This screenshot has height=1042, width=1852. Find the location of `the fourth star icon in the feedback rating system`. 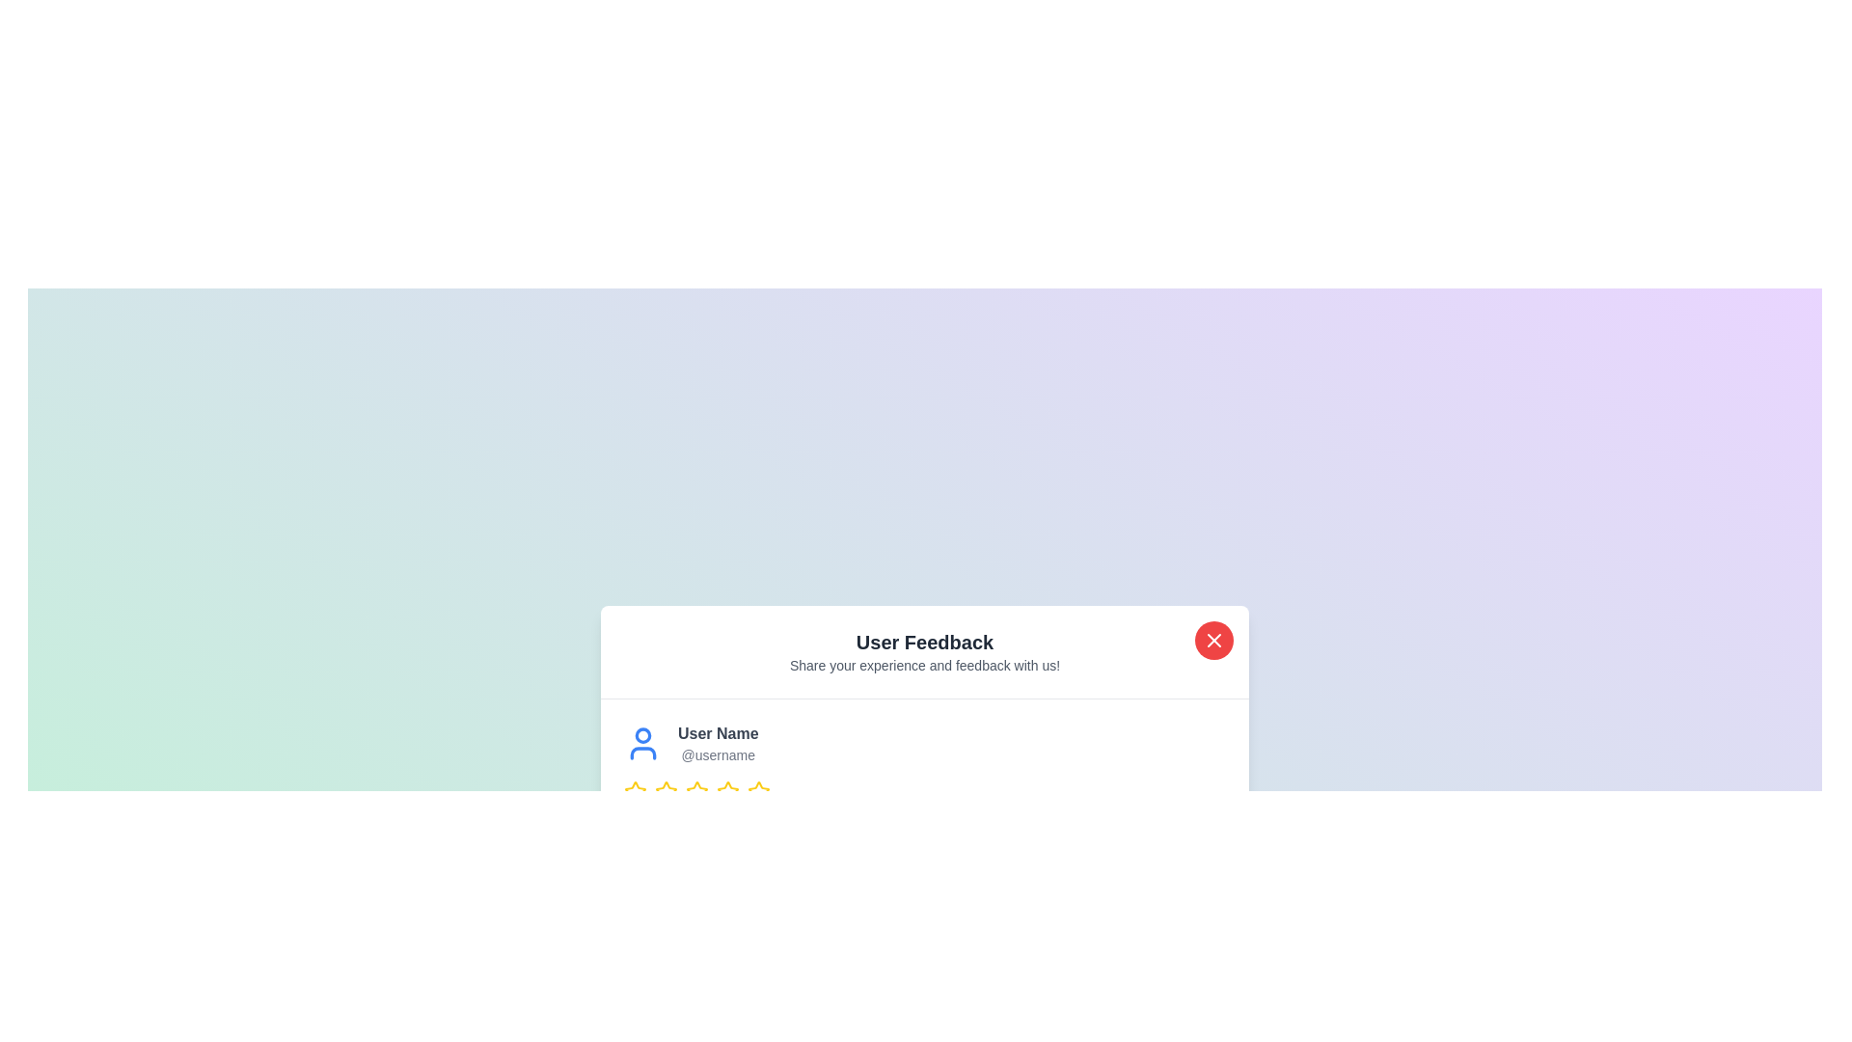

the fourth star icon in the feedback rating system is located at coordinates (726, 791).